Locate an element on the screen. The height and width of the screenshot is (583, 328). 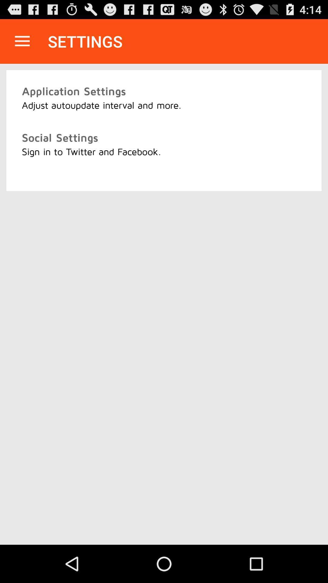
icon to the left of the settings app is located at coordinates (22, 41).